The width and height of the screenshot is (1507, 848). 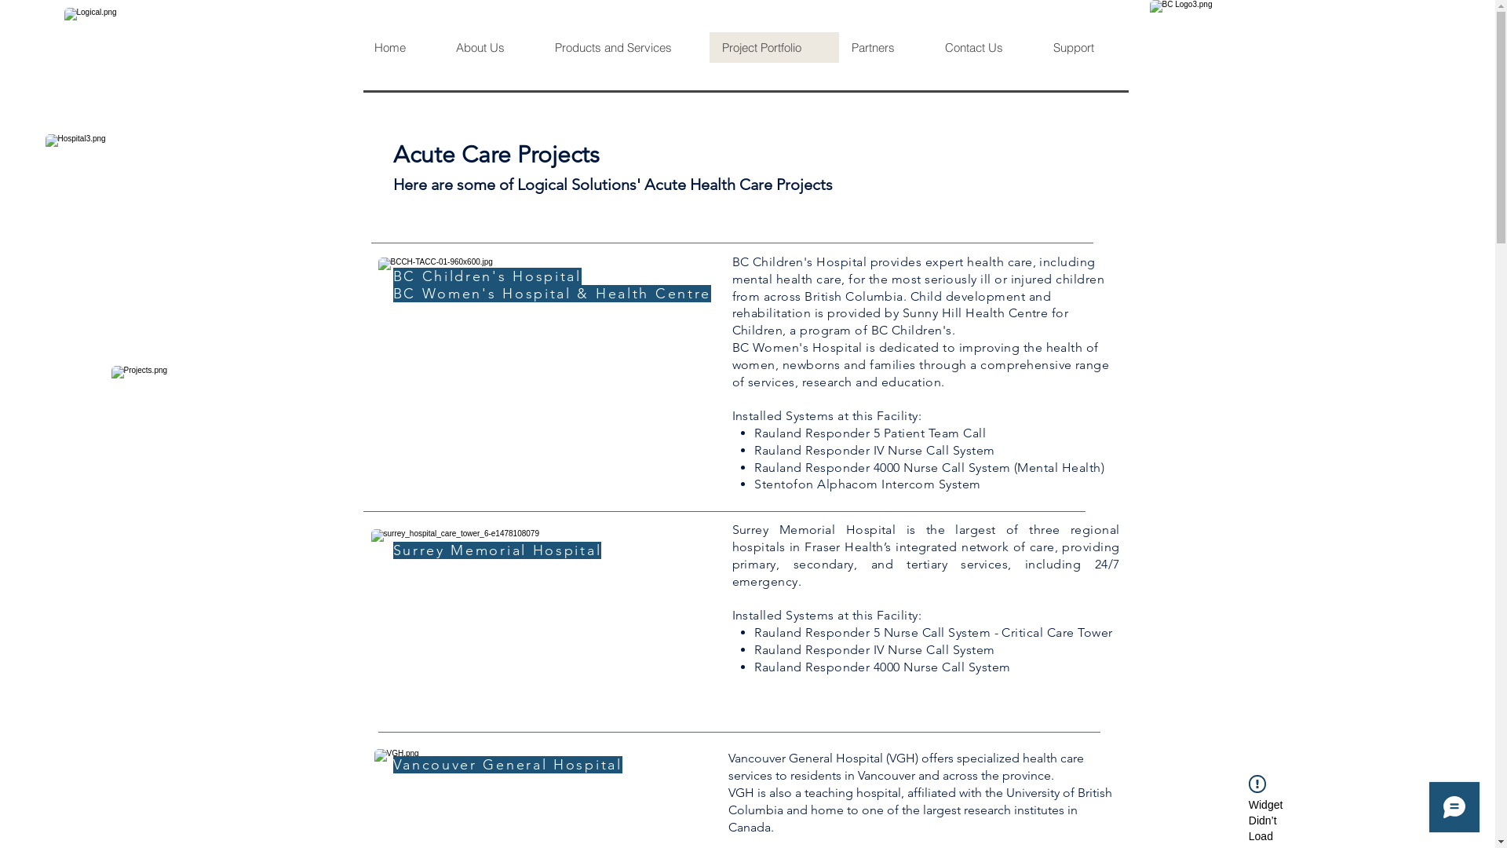 I want to click on 'Support', so click(x=1085, y=46).